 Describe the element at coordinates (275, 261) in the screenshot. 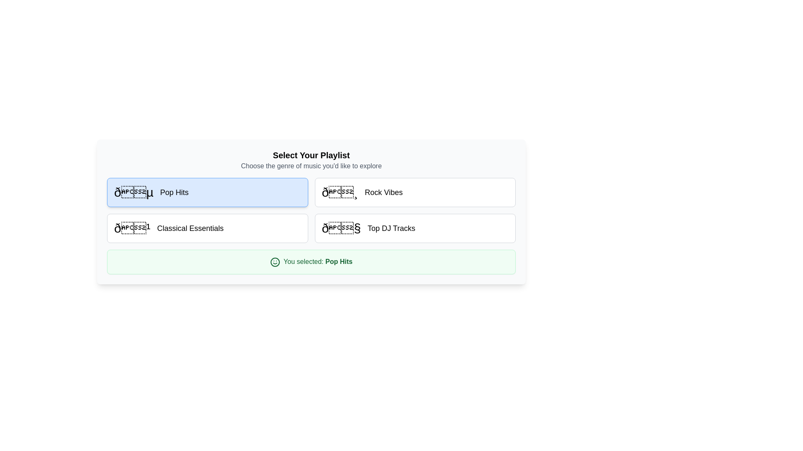

I see `the decorative circle icon associated with the 'Pop Hits' playlist, located in the middle of the first row of options` at that location.